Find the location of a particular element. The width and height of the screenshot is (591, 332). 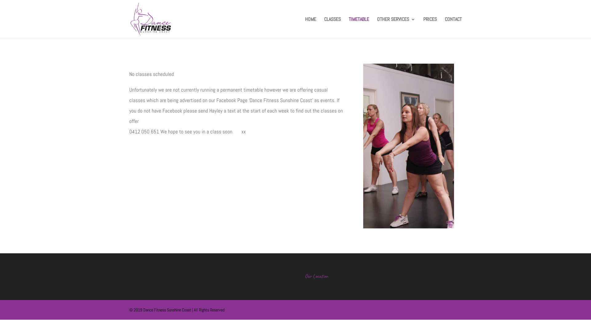

'CONTACT' is located at coordinates (444, 28).